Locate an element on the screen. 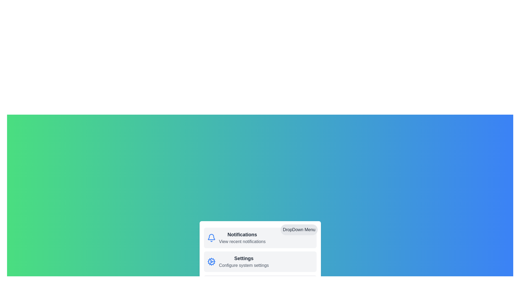 The image size is (520, 292). the menu item Notifications is located at coordinates (211, 237).